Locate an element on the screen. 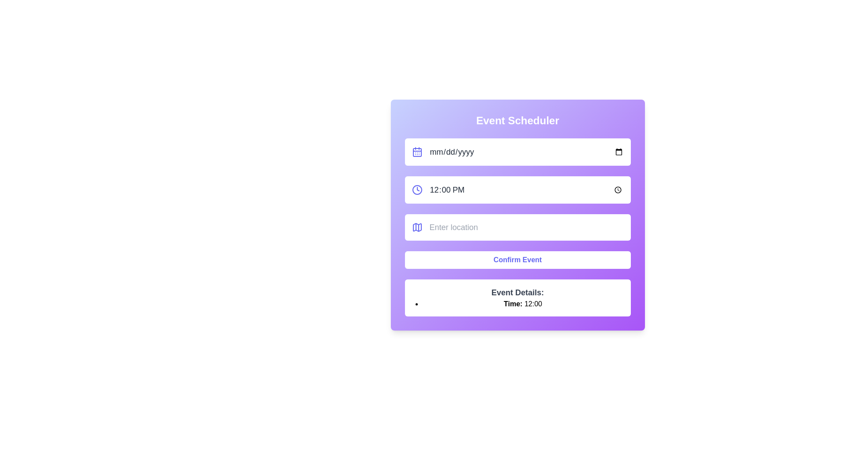  the header element displaying the text 'Event Details:', which is styled in bold, larger dark gray font, located near the bottom of the interface above a bulleted list item is located at coordinates (517, 292).